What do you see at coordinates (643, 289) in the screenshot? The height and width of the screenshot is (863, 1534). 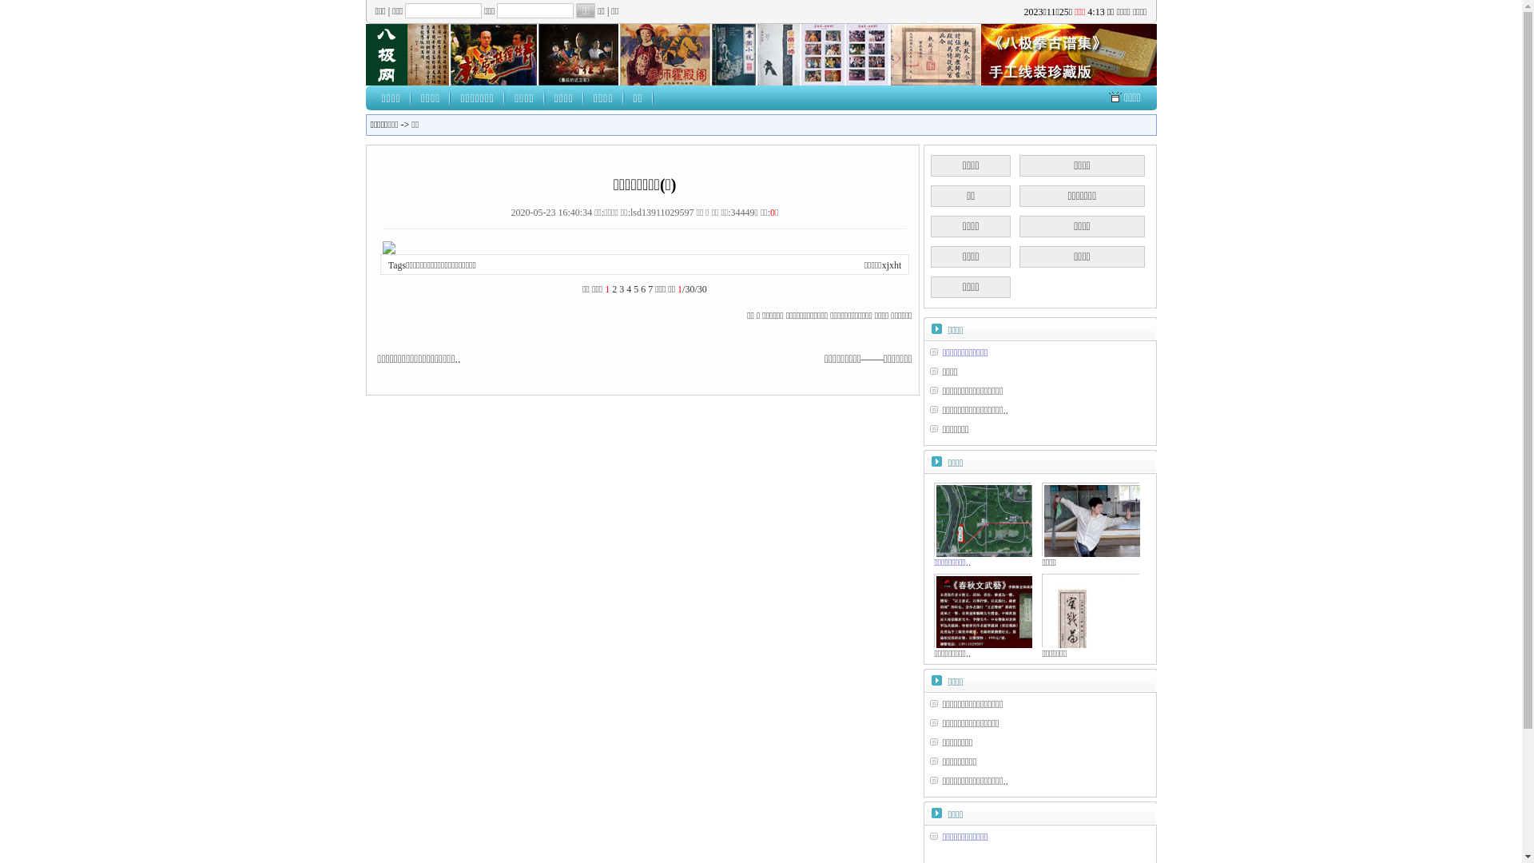 I see `'6'` at bounding box center [643, 289].